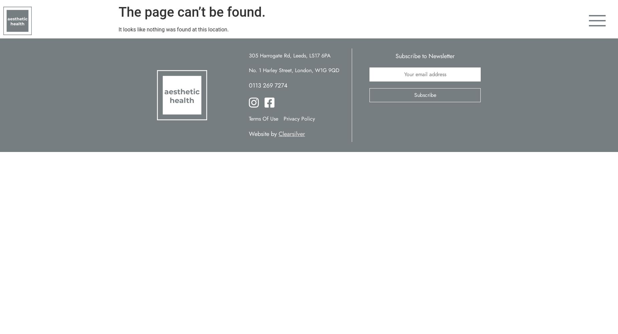 Image resolution: width=618 pixels, height=334 pixels. What do you see at coordinates (299, 118) in the screenshot?
I see `'Privacy Policy'` at bounding box center [299, 118].